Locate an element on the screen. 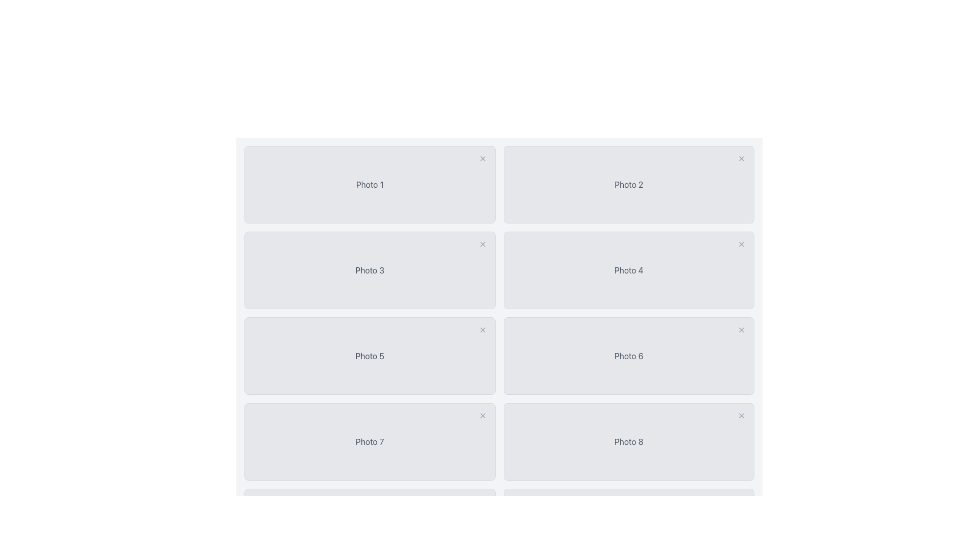  the close or delete icon button located in the top-right corner of the 'Photo 3' card is located at coordinates (482, 244).